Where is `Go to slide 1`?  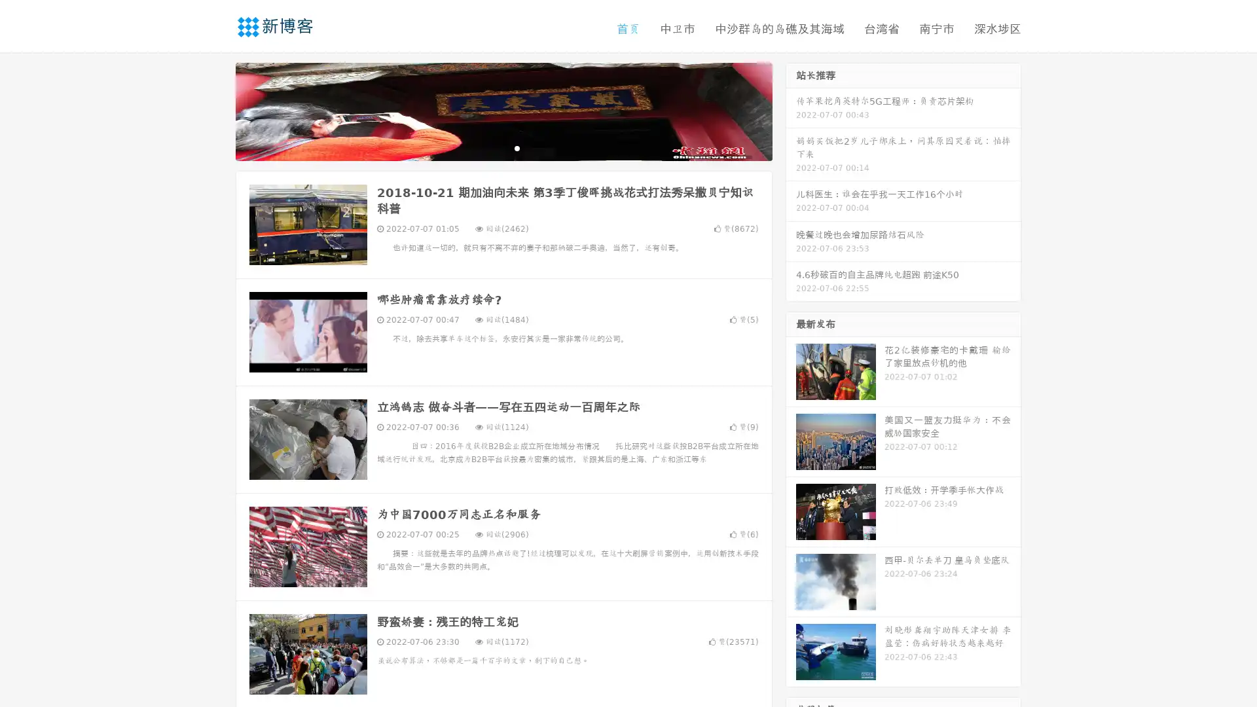 Go to slide 1 is located at coordinates (490, 147).